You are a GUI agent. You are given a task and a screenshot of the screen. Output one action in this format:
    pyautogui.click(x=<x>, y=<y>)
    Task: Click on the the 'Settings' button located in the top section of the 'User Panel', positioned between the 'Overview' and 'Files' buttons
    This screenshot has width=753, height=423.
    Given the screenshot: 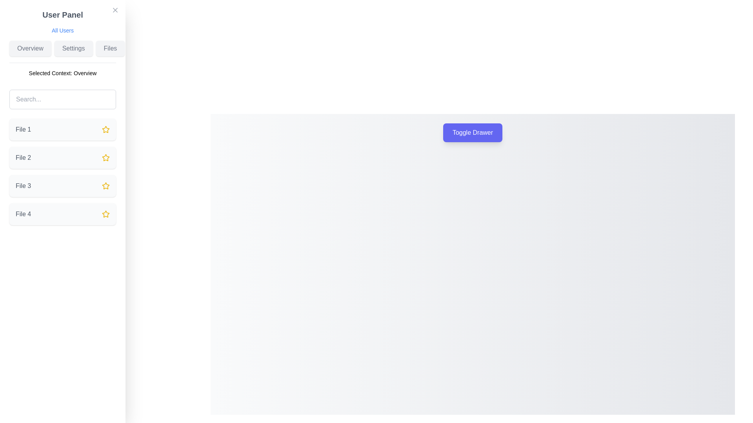 What is the action you would take?
    pyautogui.click(x=62, y=48)
    